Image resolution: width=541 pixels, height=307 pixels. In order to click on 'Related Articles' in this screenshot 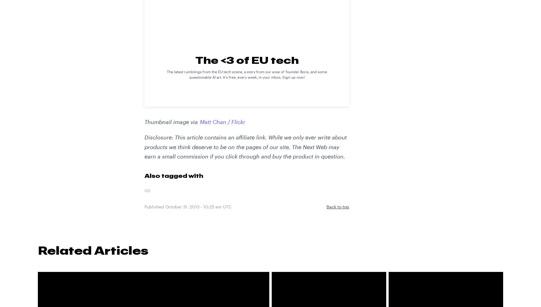, I will do `click(38, 250)`.